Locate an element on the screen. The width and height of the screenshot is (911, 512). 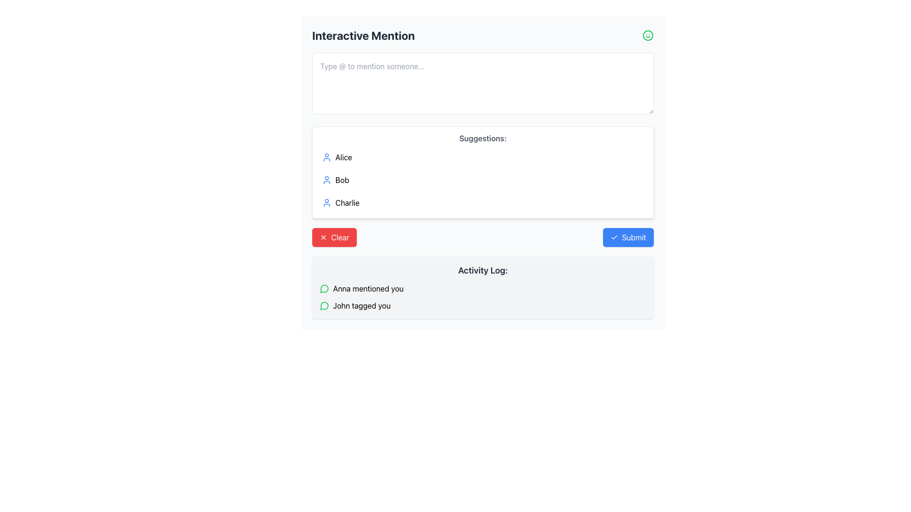
the checkmark icon within the 'Submit' button, which is styled in blue with white text, located in the lower-right segment of the interface is located at coordinates (614, 237).